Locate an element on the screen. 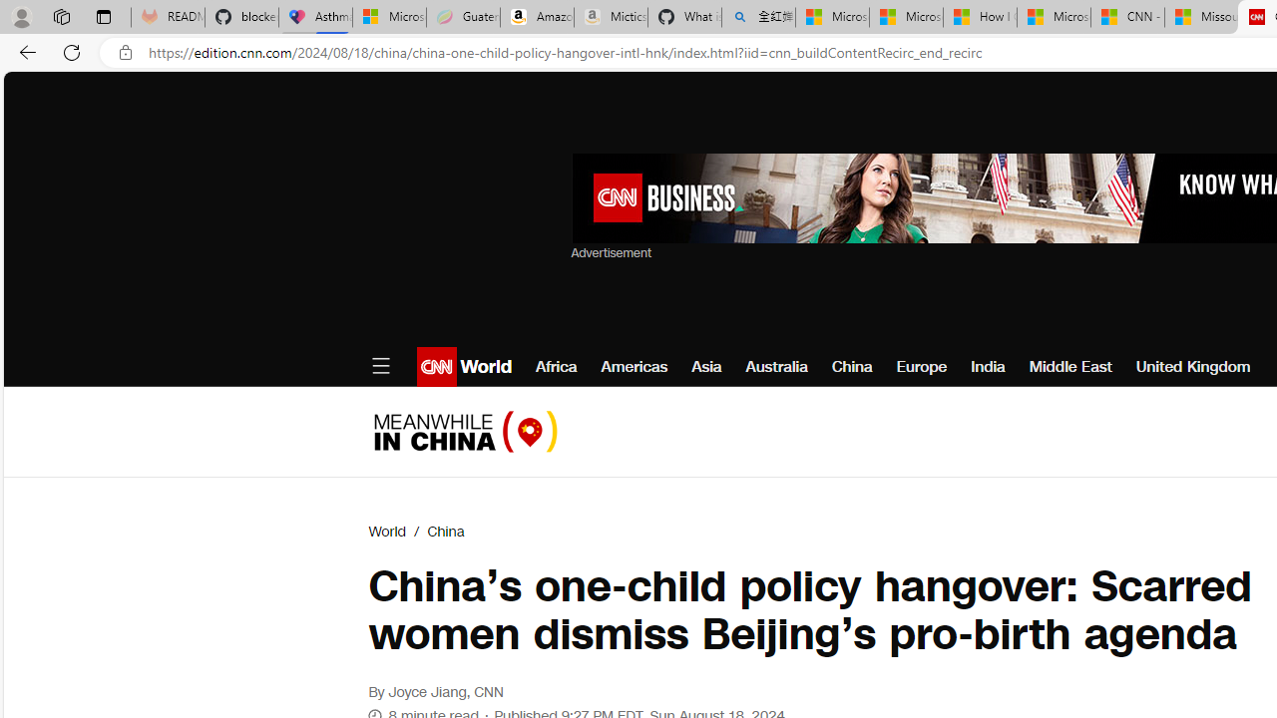 Image resolution: width=1277 pixels, height=718 pixels. 'Europe' is located at coordinates (921, 366).